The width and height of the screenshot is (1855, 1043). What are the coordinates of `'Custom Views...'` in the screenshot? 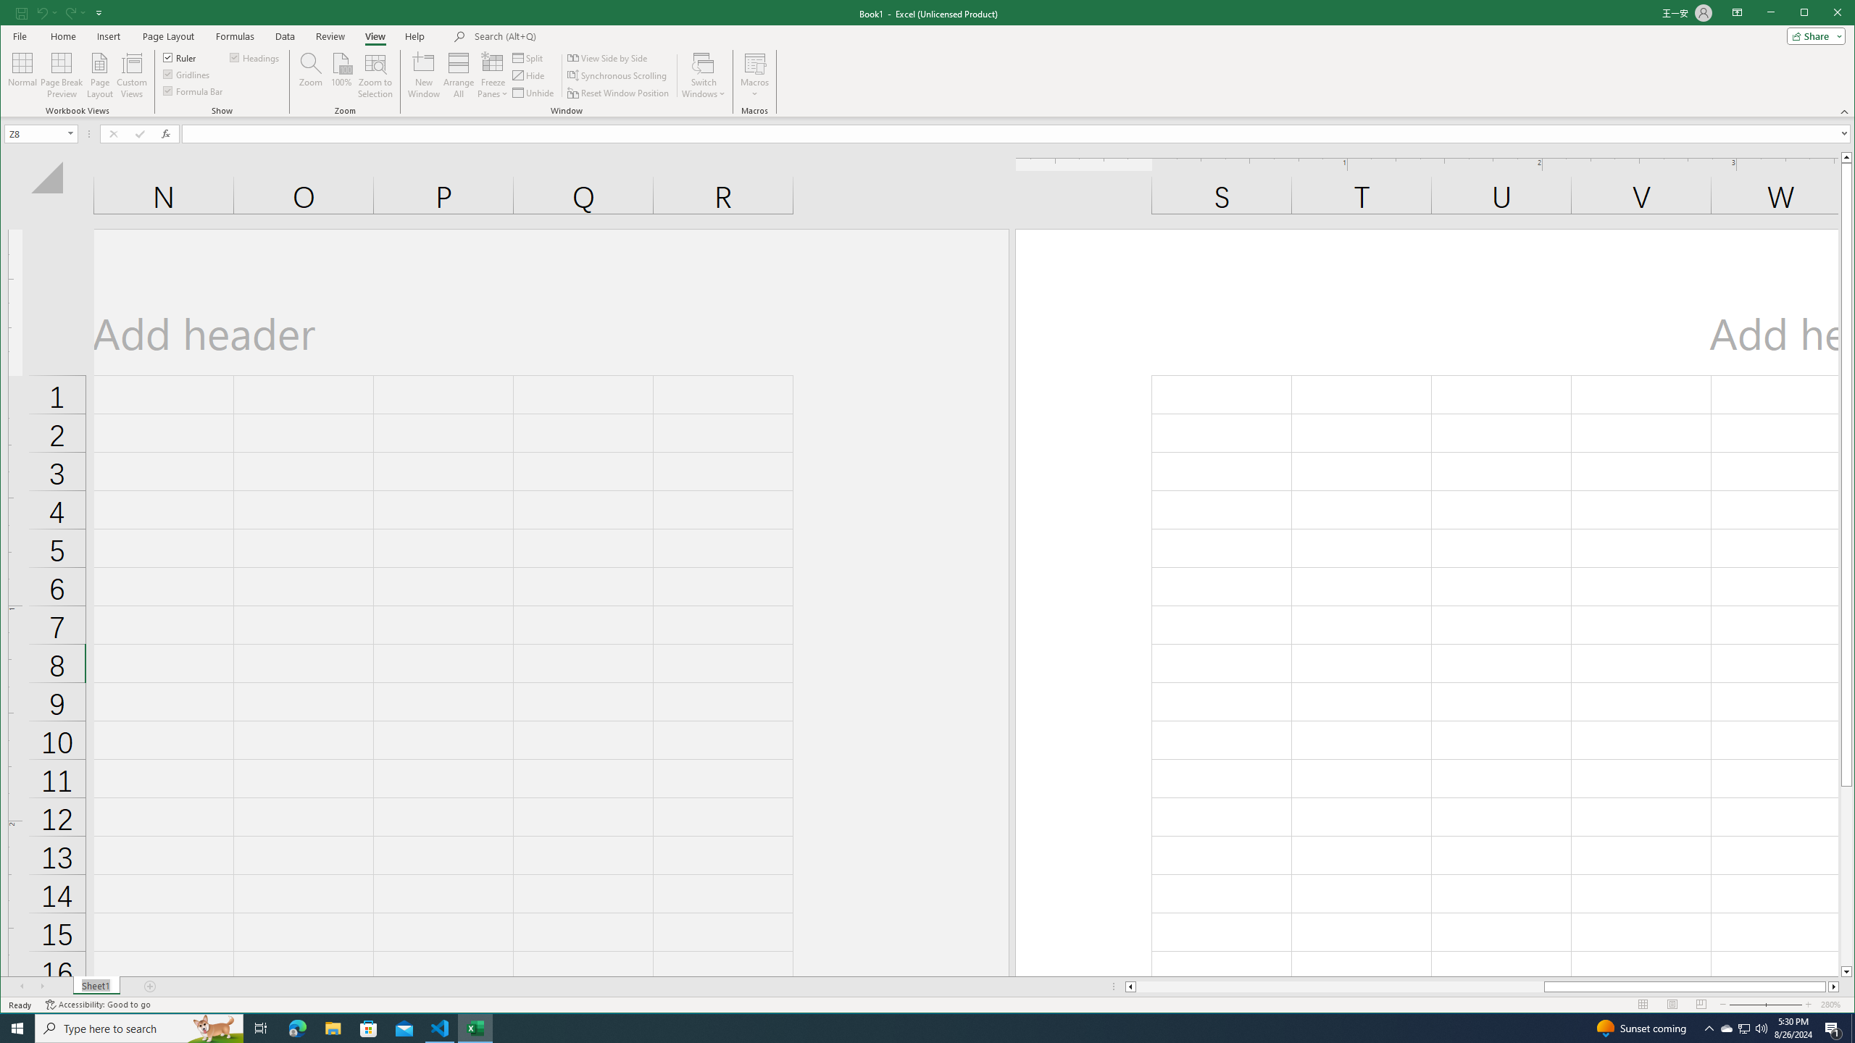 It's located at (130, 75).